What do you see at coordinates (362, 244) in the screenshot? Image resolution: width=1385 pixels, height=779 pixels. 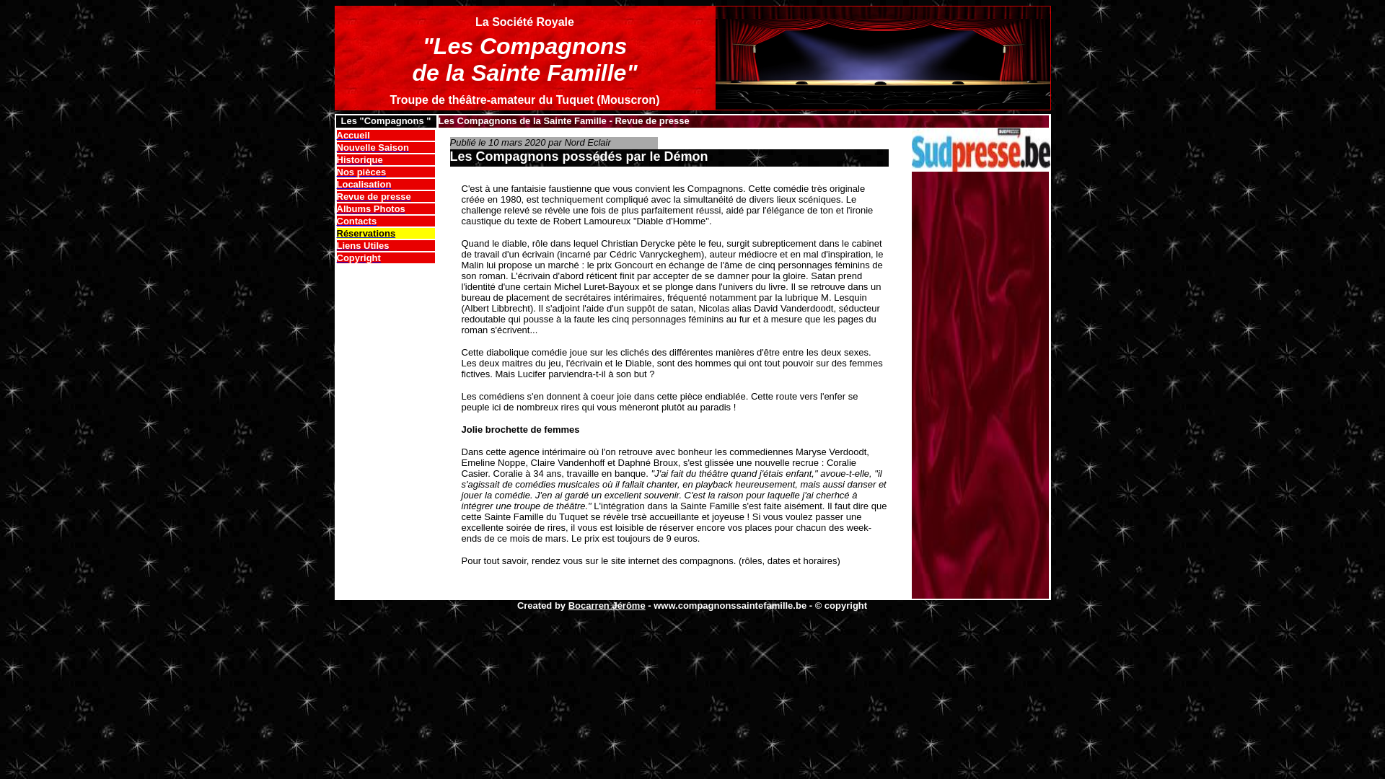 I see `'Liens Utiles'` at bounding box center [362, 244].